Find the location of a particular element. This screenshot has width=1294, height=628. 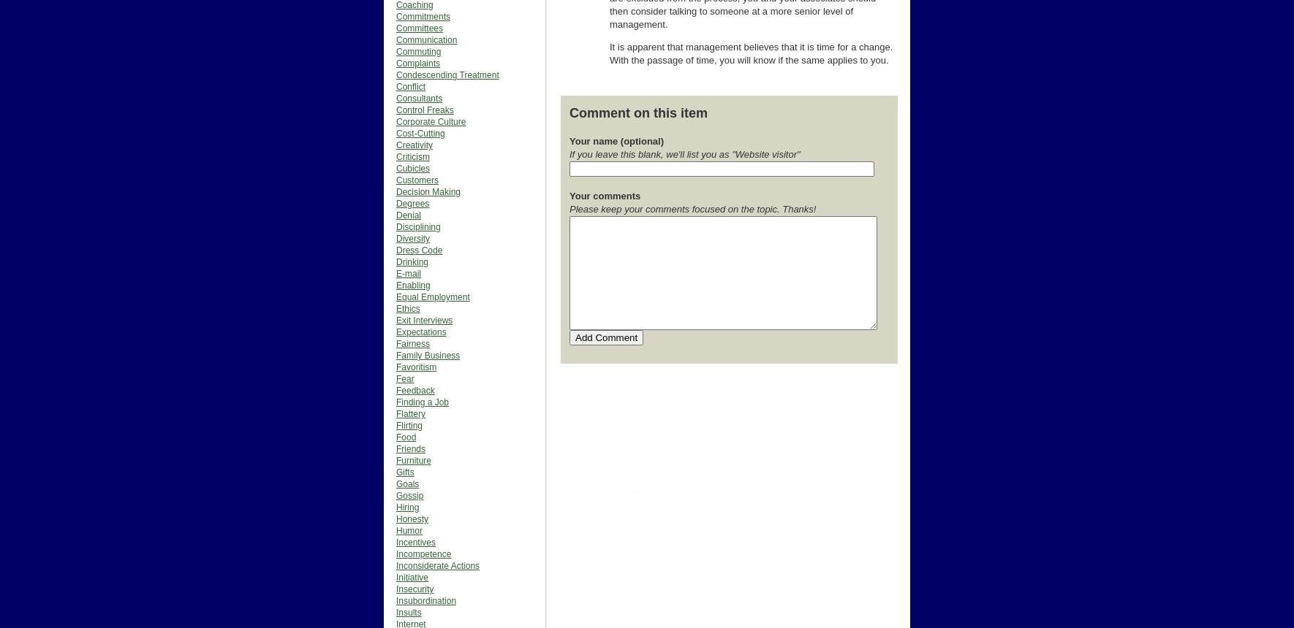

'Food' is located at coordinates (406, 436).